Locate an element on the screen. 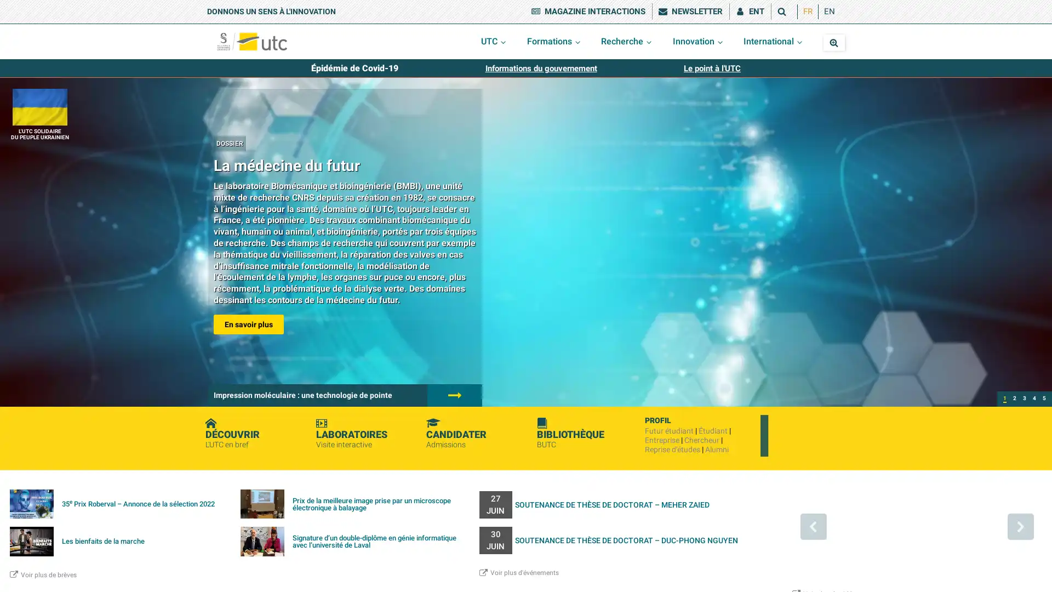 This screenshot has height=592, width=1052. Diapositive precedente is located at coordinates (813, 526).